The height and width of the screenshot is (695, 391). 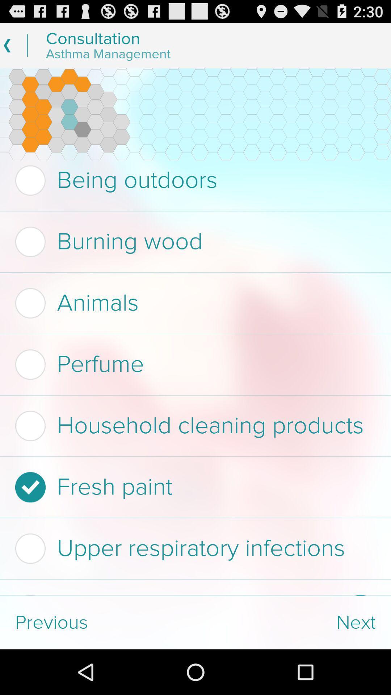 What do you see at coordinates (178, 595) in the screenshot?
I see `the sulfites in food` at bounding box center [178, 595].